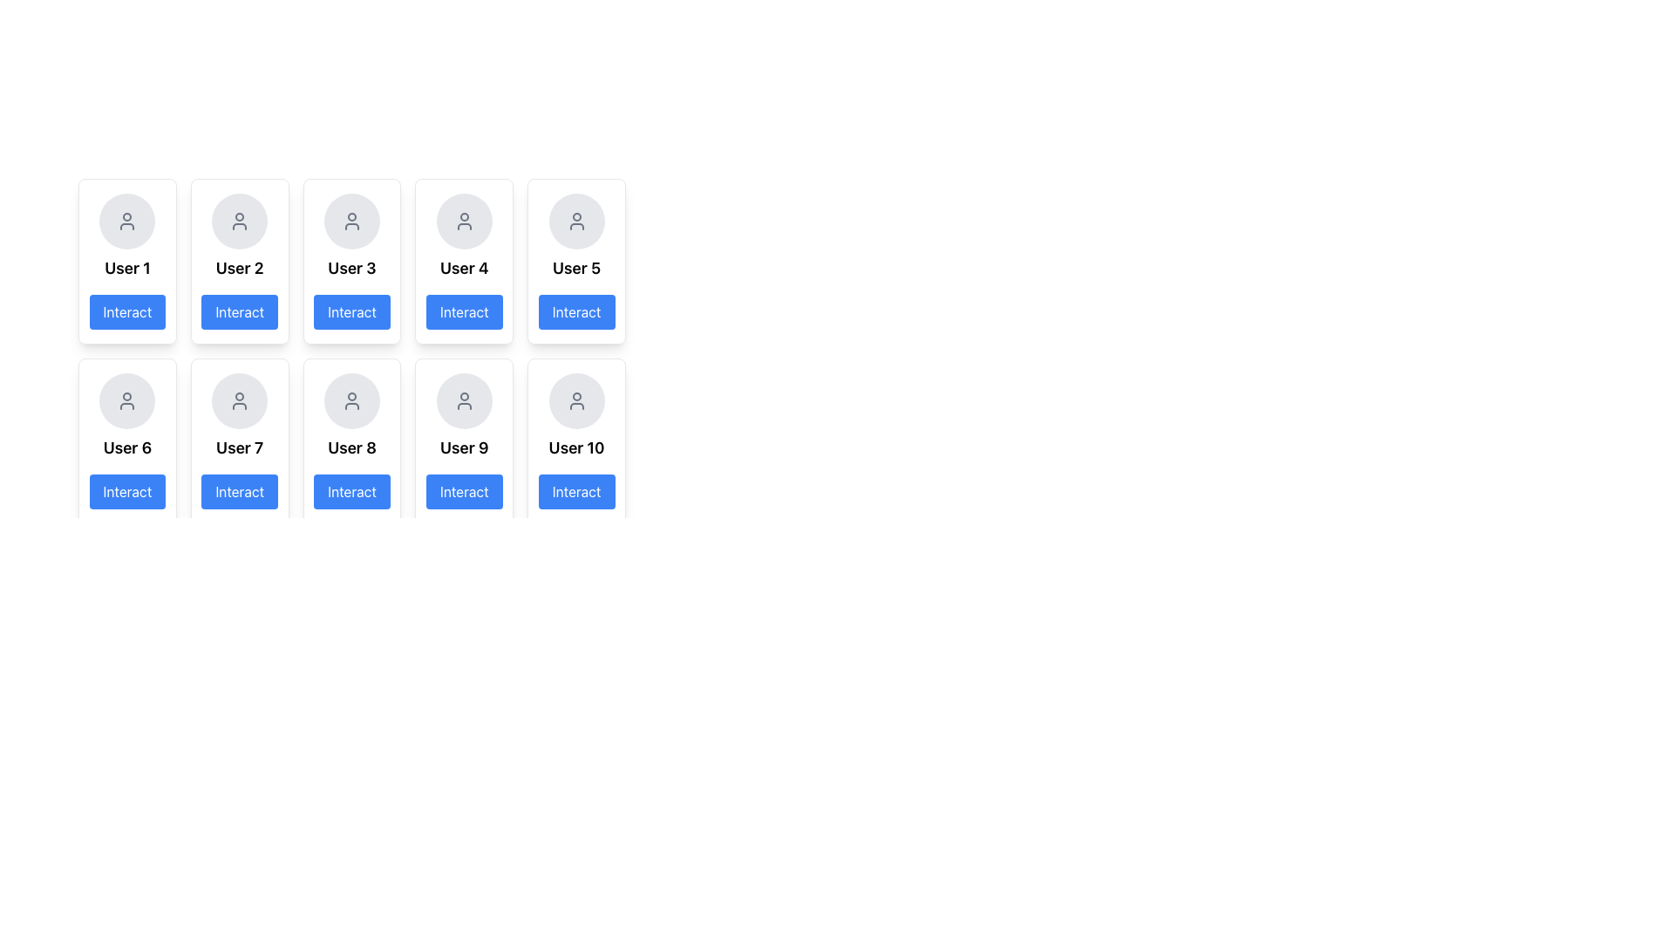 This screenshot has width=1674, height=942. What do you see at coordinates (464, 262) in the screenshot?
I see `the User Profile Card located in the top row and fourth column of the grid layout` at bounding box center [464, 262].